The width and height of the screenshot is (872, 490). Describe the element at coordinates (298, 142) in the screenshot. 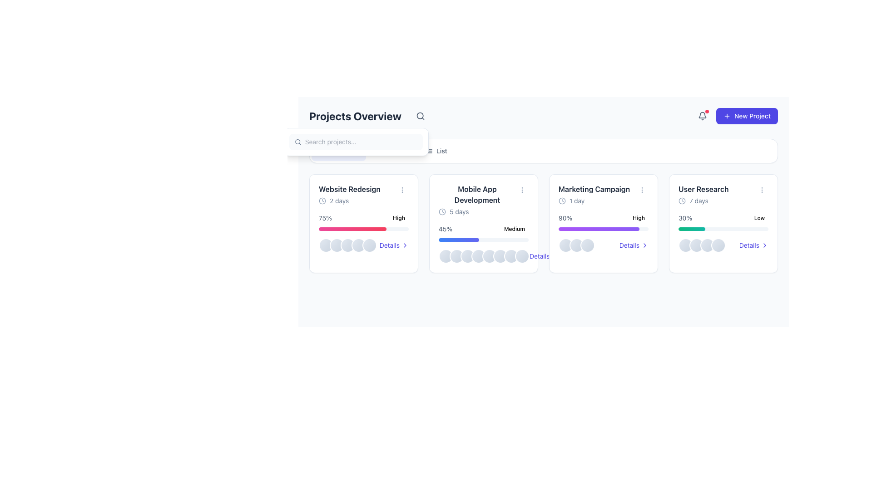

I see `the magnifying glass icon representing the search feature, which is colored slate gray and located in the header section to the left of the 'Search projects...' input field` at that location.